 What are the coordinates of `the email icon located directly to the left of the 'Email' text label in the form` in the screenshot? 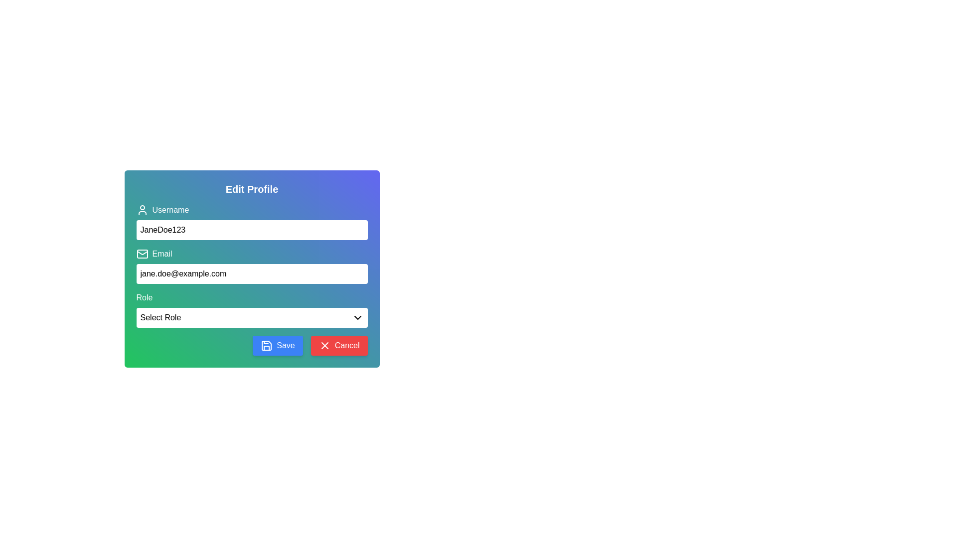 It's located at (142, 253).